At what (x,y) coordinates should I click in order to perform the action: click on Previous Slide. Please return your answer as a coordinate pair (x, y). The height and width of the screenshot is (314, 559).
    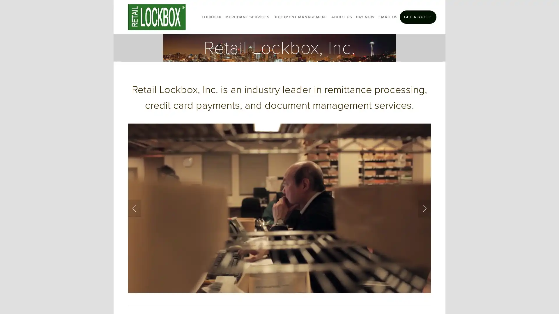
    Looking at the image, I should click on (134, 208).